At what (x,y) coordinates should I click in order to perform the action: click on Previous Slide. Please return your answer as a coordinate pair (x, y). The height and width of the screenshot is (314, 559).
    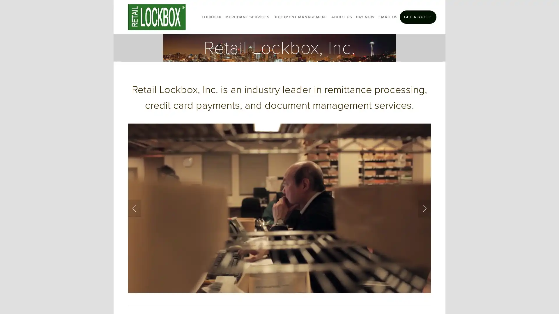
    Looking at the image, I should click on (134, 208).